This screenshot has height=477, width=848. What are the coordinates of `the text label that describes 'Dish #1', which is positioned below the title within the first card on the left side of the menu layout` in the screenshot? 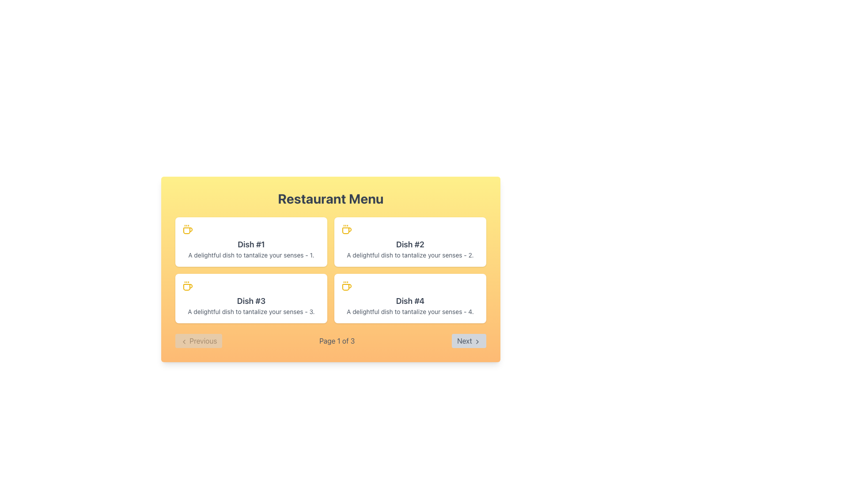 It's located at (251, 255).